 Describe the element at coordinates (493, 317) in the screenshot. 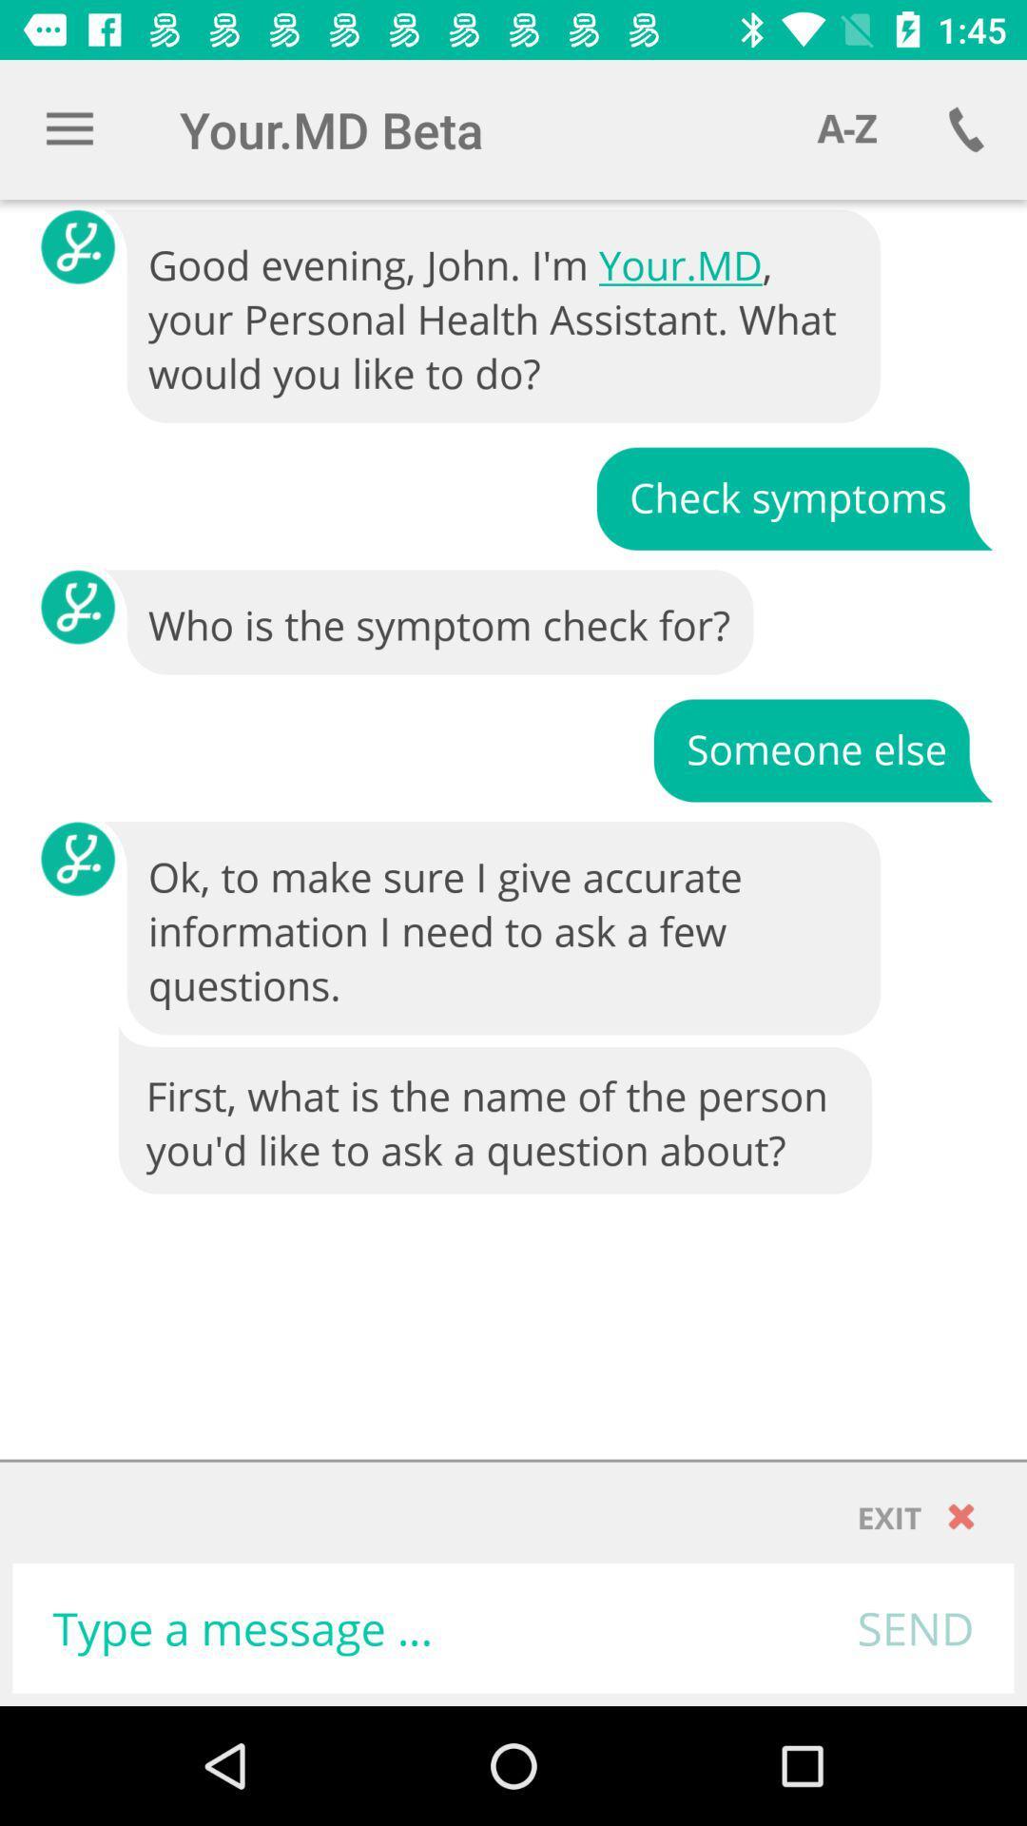

I see `item above check symptoms item` at that location.